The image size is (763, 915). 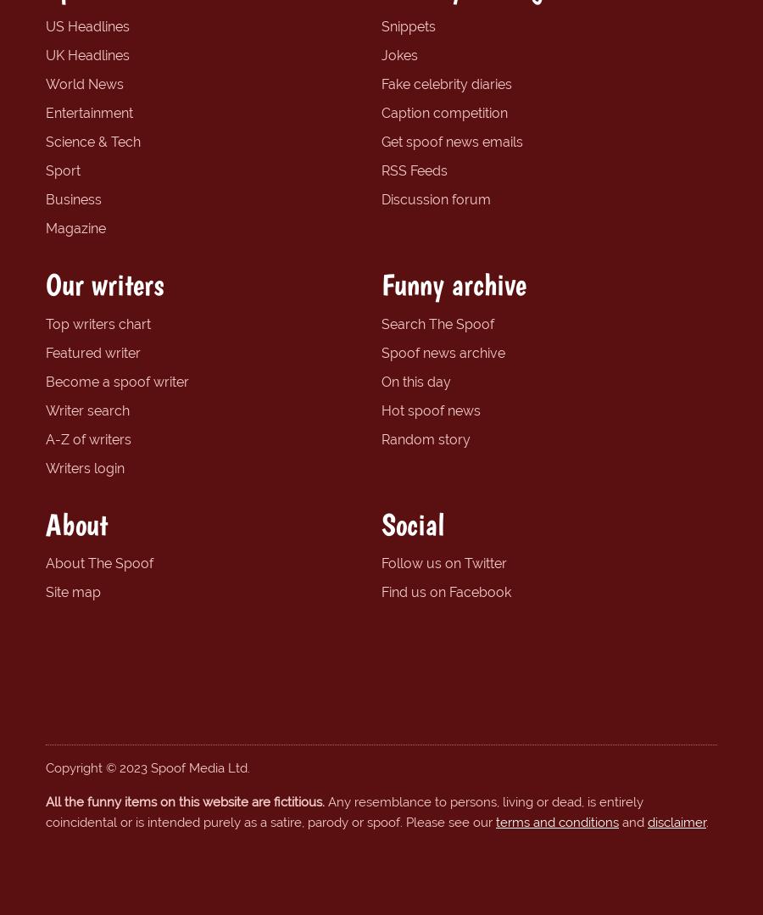 What do you see at coordinates (104, 283) in the screenshot?
I see `'Our writers'` at bounding box center [104, 283].